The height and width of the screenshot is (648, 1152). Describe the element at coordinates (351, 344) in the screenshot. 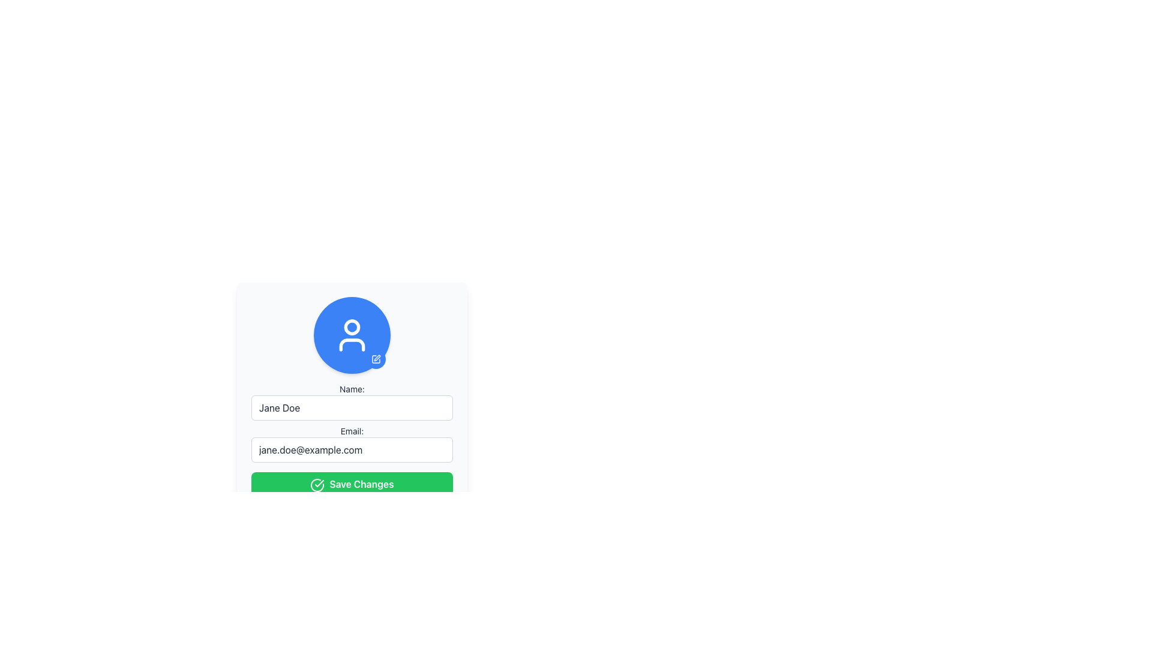

I see `the arc element located at the bottom of the circular profile icon, which has a black outline against a white and blue background` at that location.